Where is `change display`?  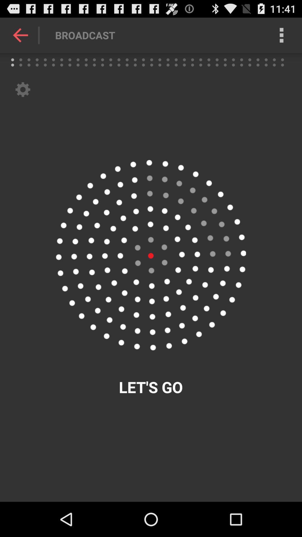
change display is located at coordinates (150, 255).